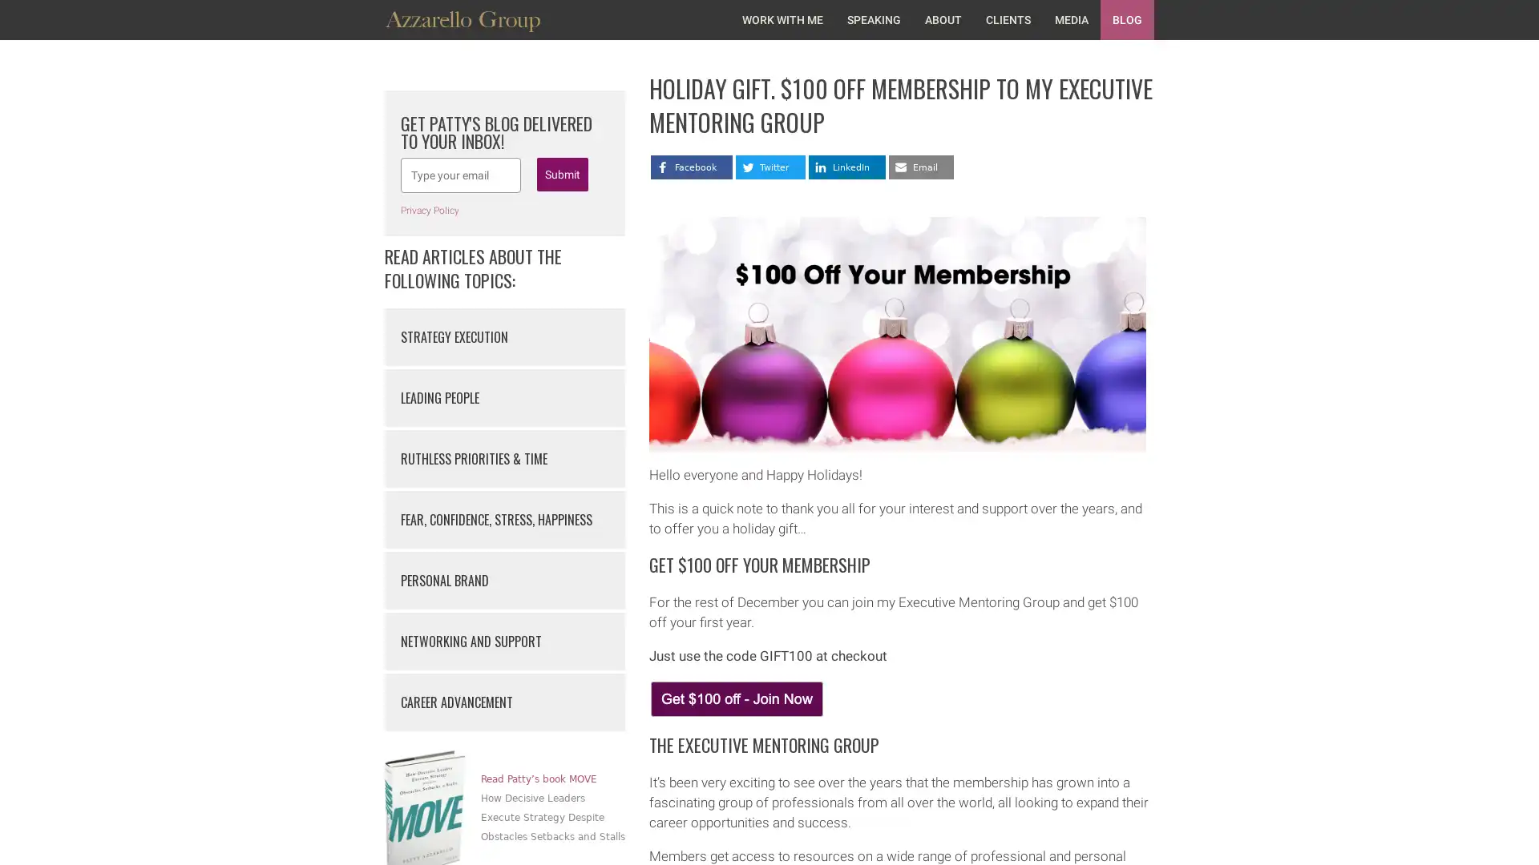 The image size is (1539, 865). Describe the element at coordinates (503, 336) in the screenshot. I see `STRATEGY EXECUTION` at that location.